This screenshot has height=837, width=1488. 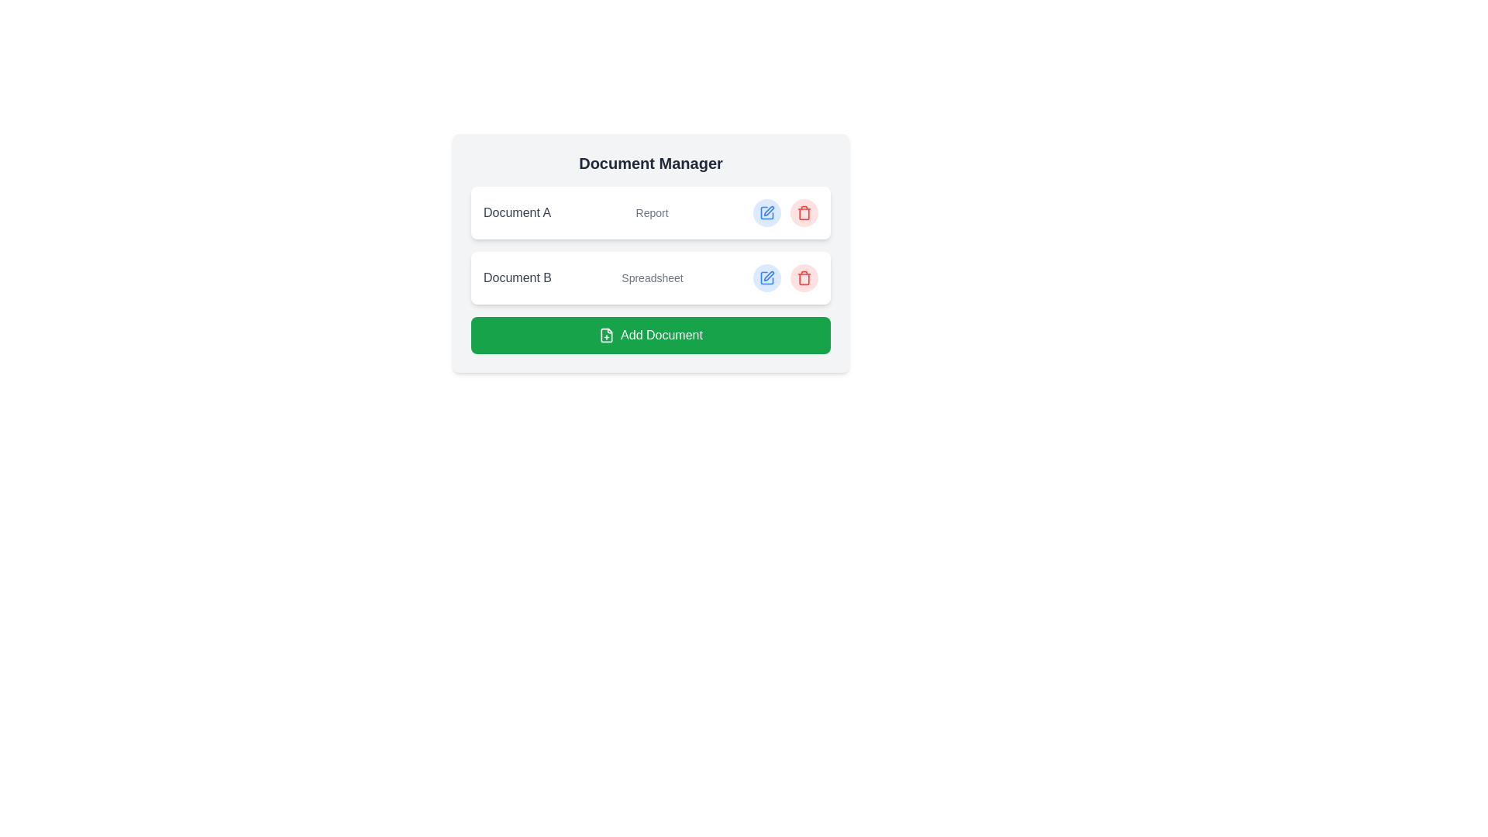 What do you see at coordinates (651, 277) in the screenshot?
I see `the document item card representing 'Document B' in the 'Document Manager' interface` at bounding box center [651, 277].